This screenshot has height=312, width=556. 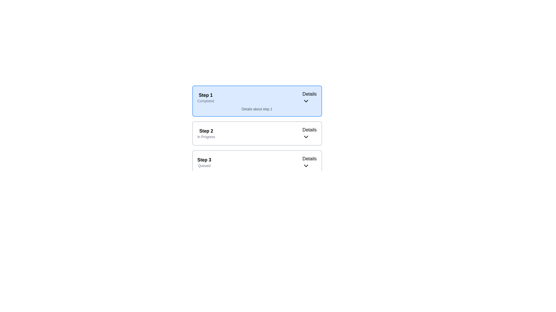 What do you see at coordinates (206, 133) in the screenshot?
I see `the 'Step 2' text label indicating the progress of the second step in the navigation interface` at bounding box center [206, 133].